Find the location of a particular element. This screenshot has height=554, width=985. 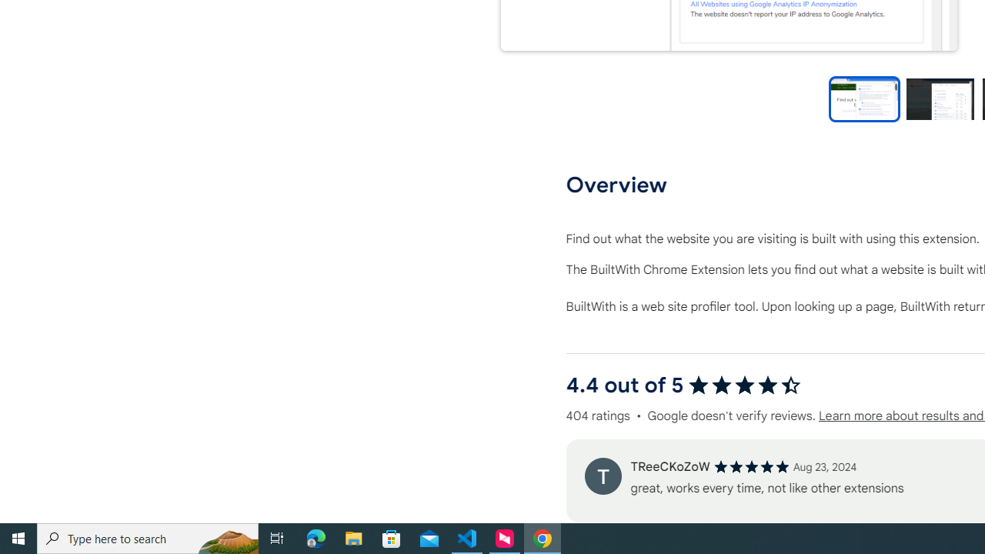

'4.4 out of 5 stars' is located at coordinates (744, 384).